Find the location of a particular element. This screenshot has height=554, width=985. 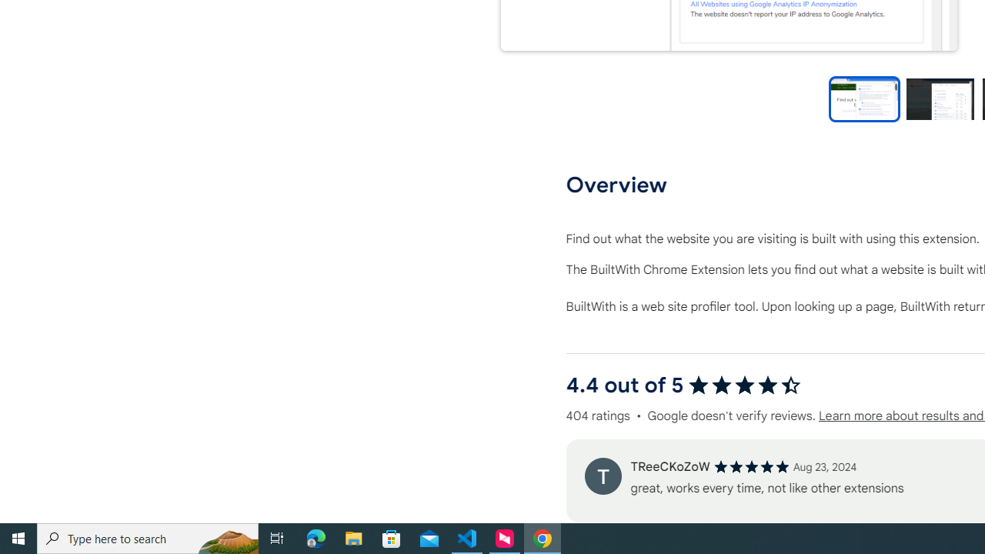

'4.4 out of 5 stars' is located at coordinates (744, 384).